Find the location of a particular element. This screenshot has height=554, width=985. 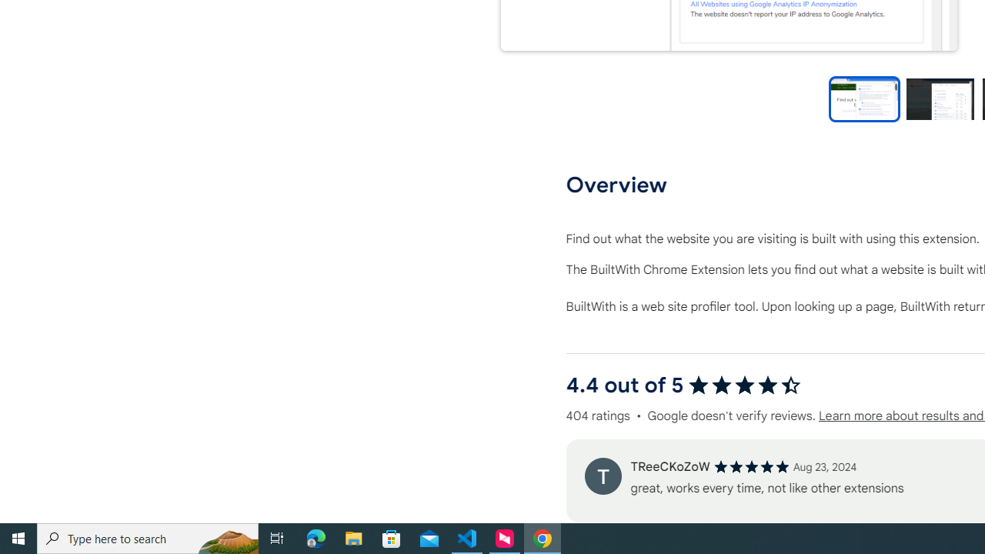

'4.4 out of 5 stars' is located at coordinates (744, 384).